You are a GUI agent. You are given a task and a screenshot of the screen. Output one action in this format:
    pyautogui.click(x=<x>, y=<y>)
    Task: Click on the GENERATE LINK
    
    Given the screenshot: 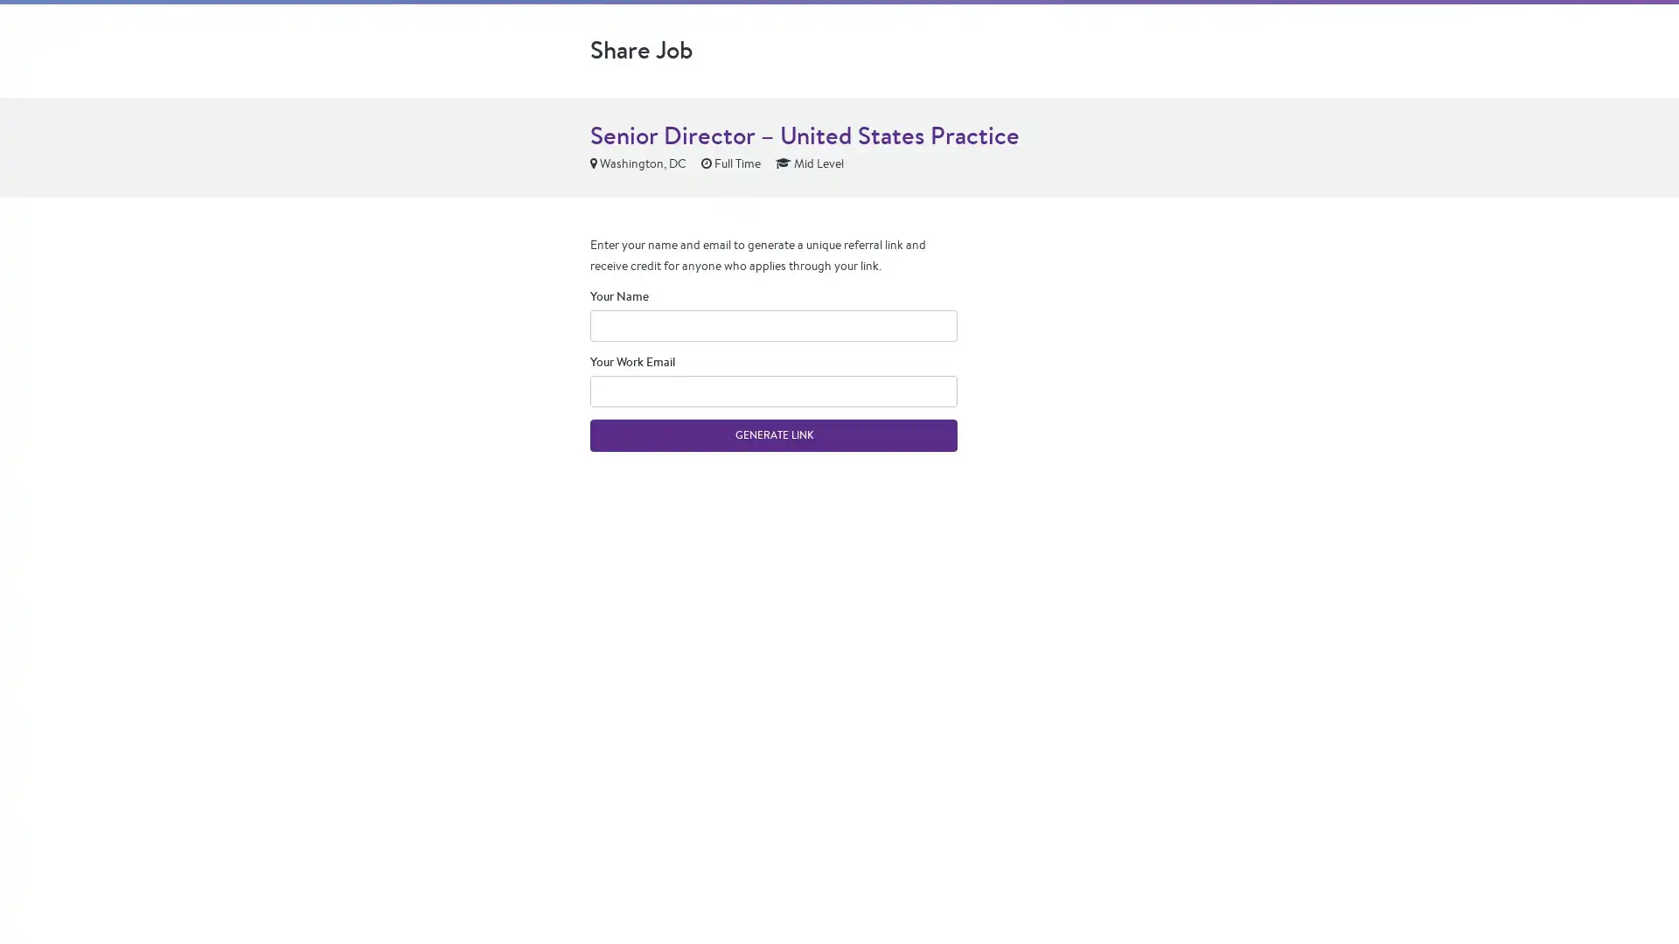 What is the action you would take?
    pyautogui.click(x=772, y=434)
    